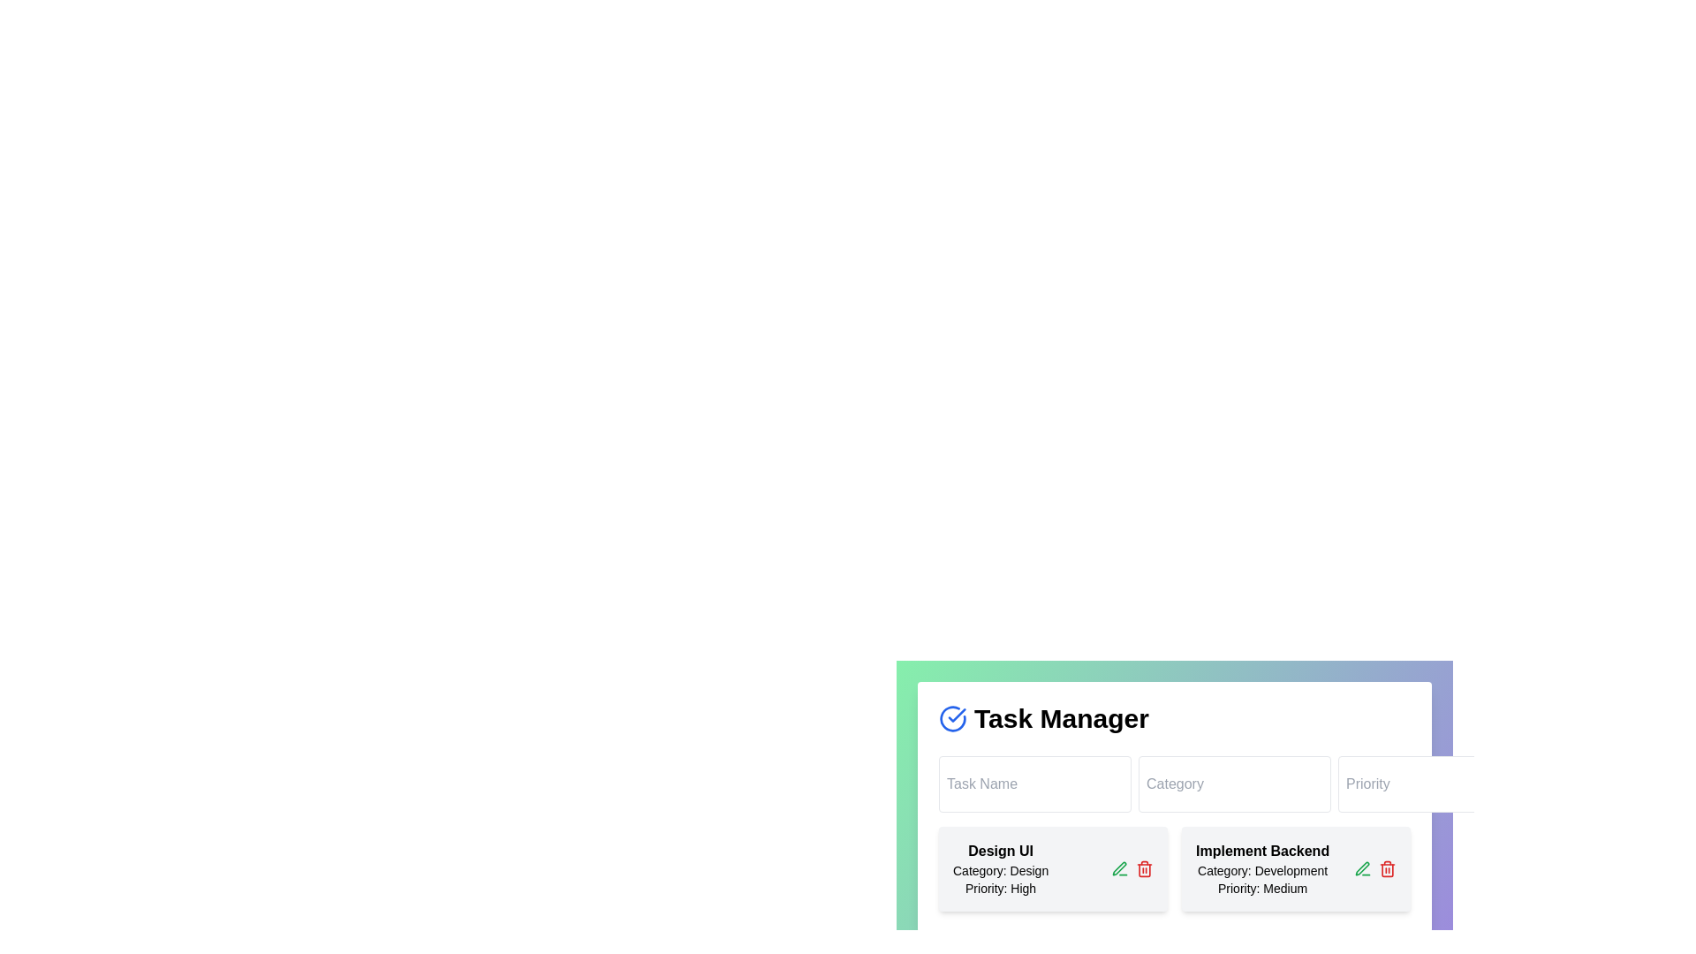 This screenshot has width=1696, height=954. I want to click on the first green pen icon located in the top left corner relative to the second pen icon to initiate the edit functionality, so click(1118, 867).